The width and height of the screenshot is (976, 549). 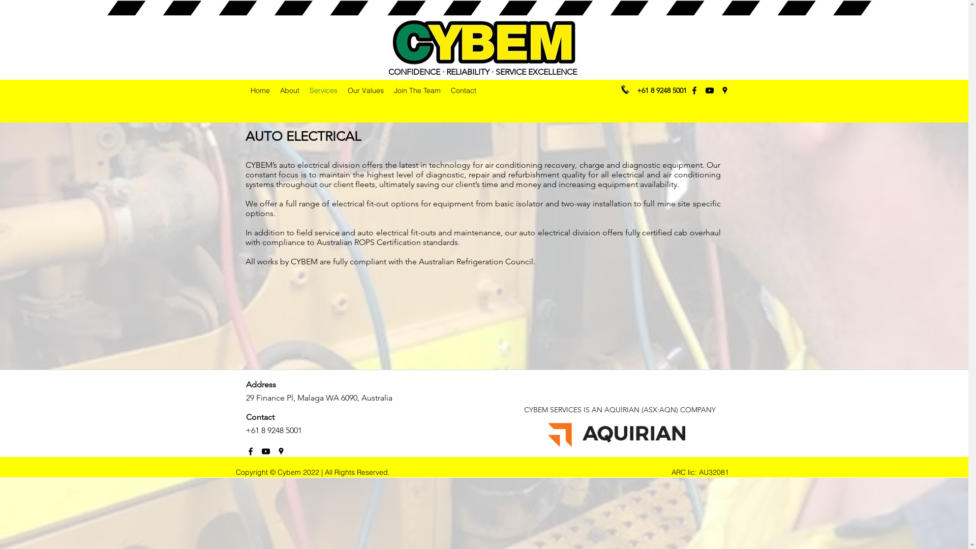 I want to click on 'About', so click(x=289, y=89).